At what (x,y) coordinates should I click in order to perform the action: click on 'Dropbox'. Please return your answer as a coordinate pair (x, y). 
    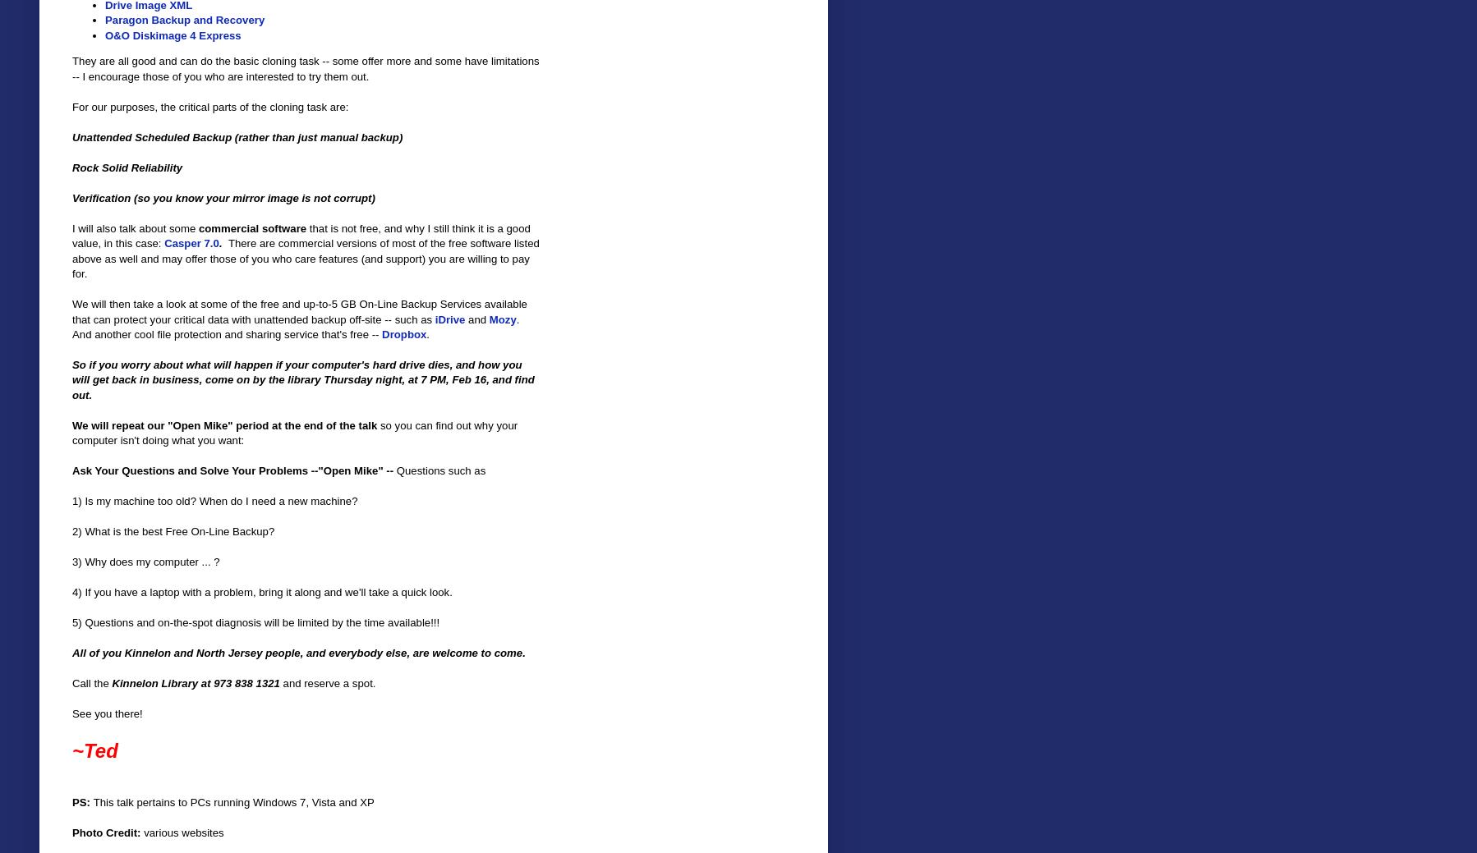
    Looking at the image, I should click on (403, 332).